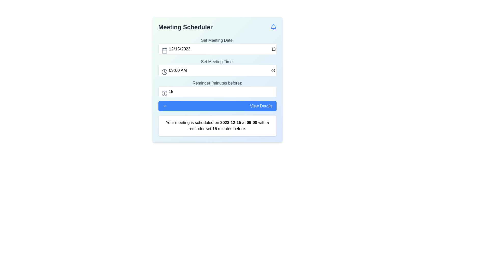 Image resolution: width=489 pixels, height=275 pixels. I want to click on the bell-shaped notification icon located at the top right corner of the 'Meeting Scheduler' interface, so click(273, 27).